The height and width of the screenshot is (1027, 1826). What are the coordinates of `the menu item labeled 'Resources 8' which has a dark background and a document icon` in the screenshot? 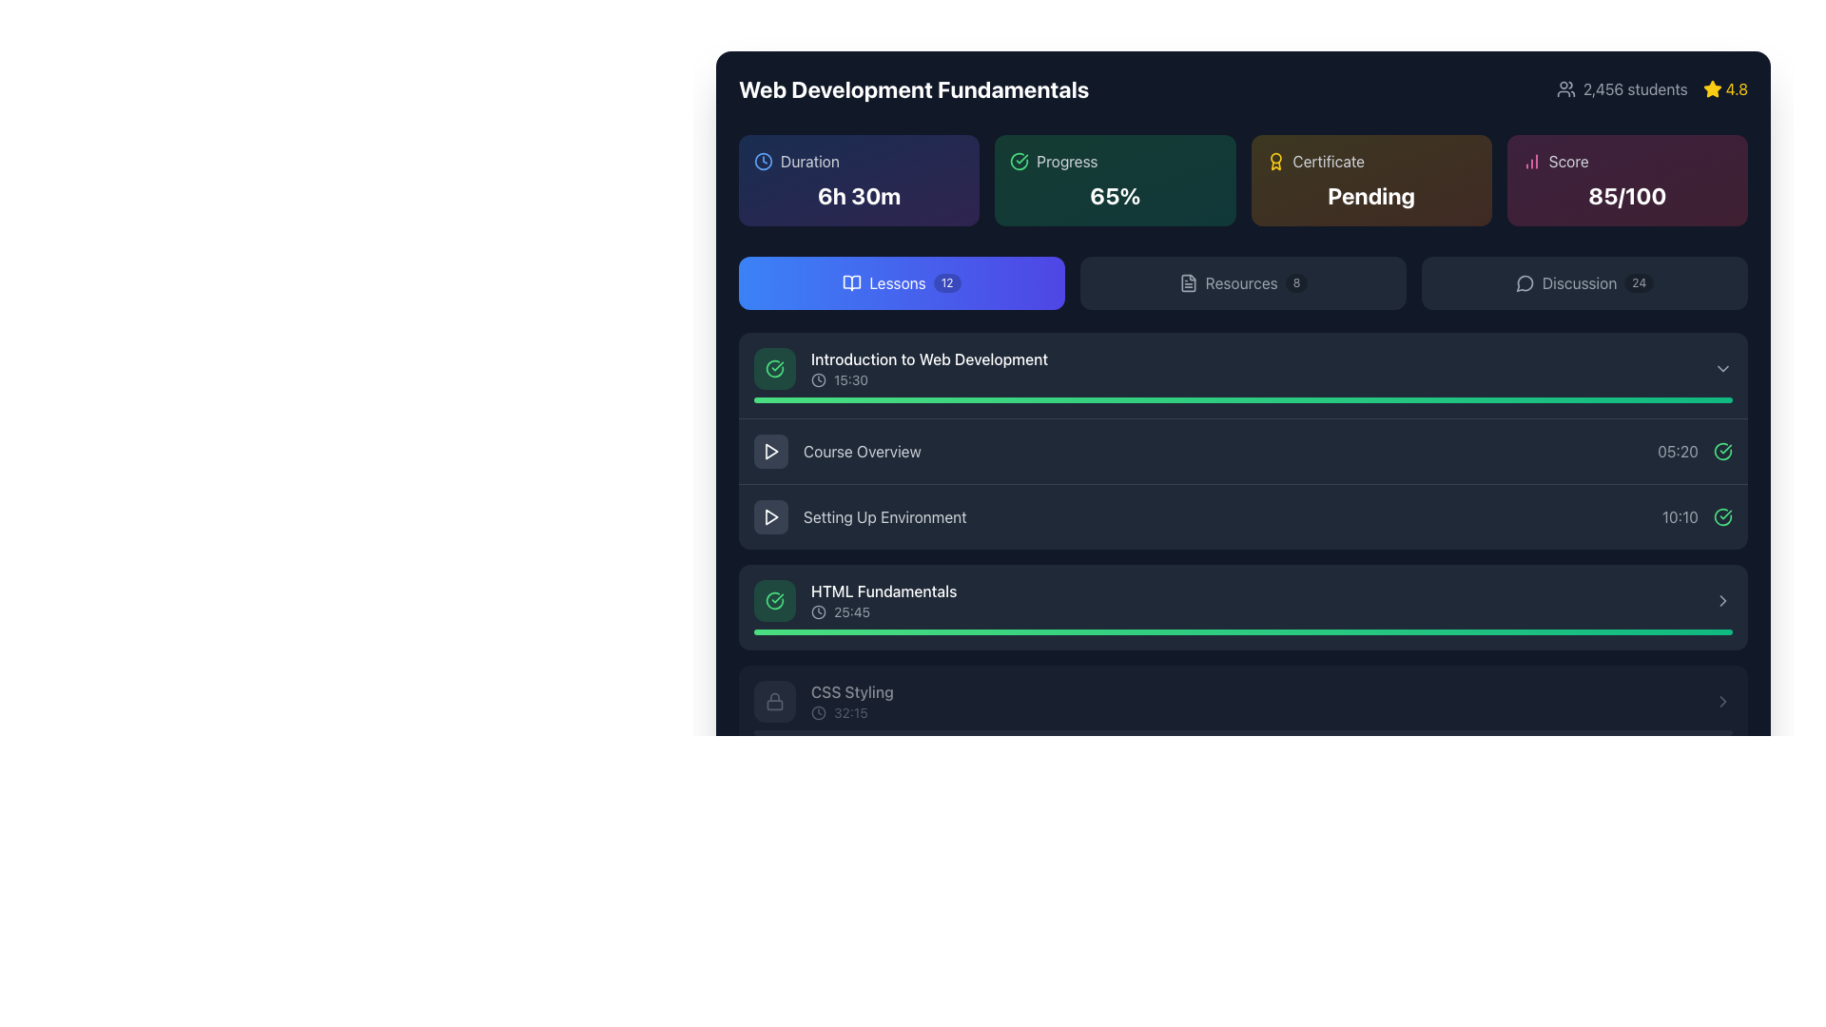 It's located at (1243, 282).